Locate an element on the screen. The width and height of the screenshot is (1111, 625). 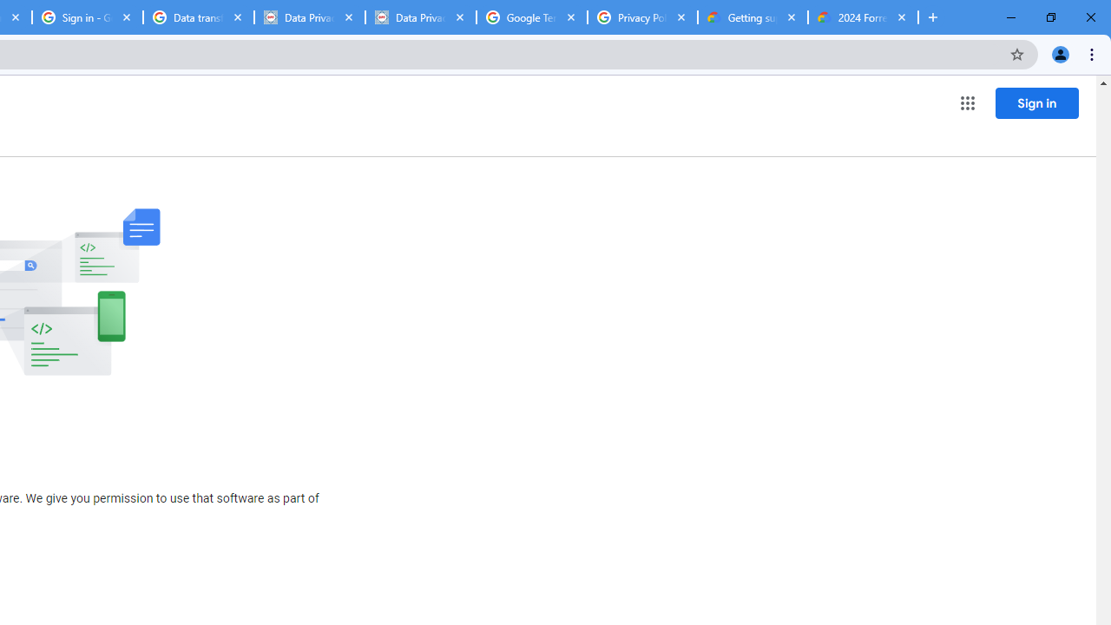
'Sign in - Google Accounts' is located at coordinates (87, 17).